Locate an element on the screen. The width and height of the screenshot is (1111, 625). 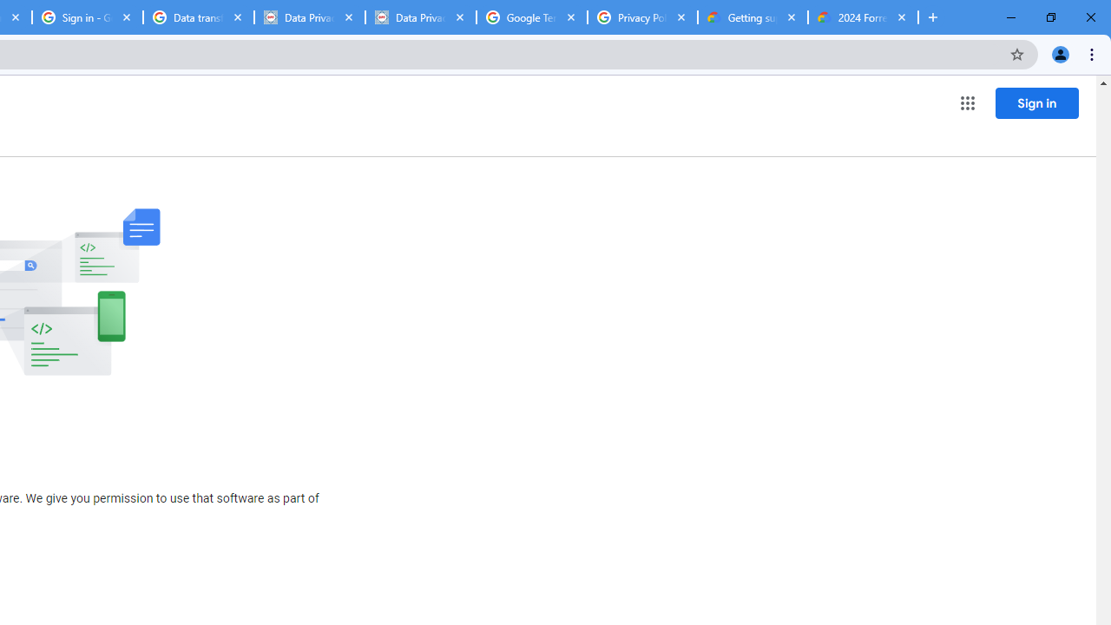
'Sign in - Google Accounts' is located at coordinates (87, 17).